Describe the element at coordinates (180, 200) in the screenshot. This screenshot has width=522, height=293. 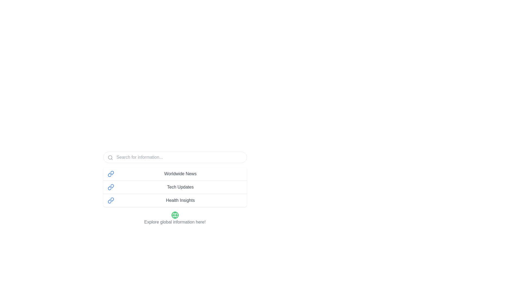
I see `the 'Health Insights' hyperlink, which is the third entry in a vertical list of links below the search bar` at that location.